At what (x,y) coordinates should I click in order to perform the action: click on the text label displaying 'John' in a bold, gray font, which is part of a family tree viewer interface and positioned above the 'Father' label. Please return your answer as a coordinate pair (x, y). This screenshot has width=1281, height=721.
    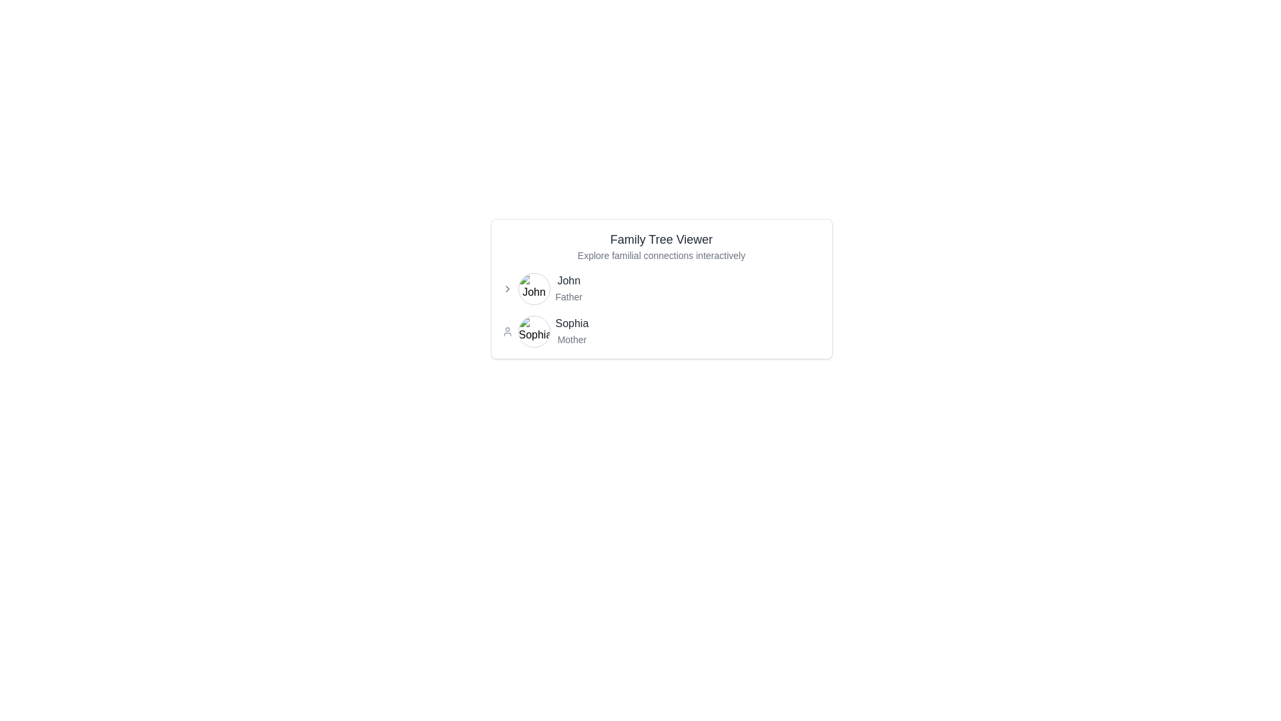
    Looking at the image, I should click on (568, 280).